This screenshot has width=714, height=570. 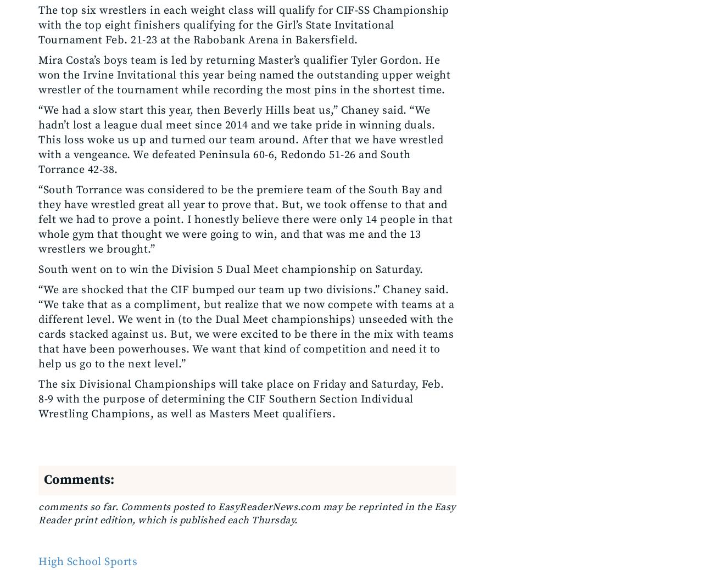 I want to click on '“We are shocked that the CIF bumped our team up two divisions.” Chaney said. “We take that as a compliment, but realize that we now compete with teams at a different level. We went in (to the Dual Meet championships) unseeded with the cards stacked against us. But, we were excited to be there in the mix with teams that have been powerhouses. We want that kind of competition and need it to help us go to the next level.”', so click(x=246, y=327).